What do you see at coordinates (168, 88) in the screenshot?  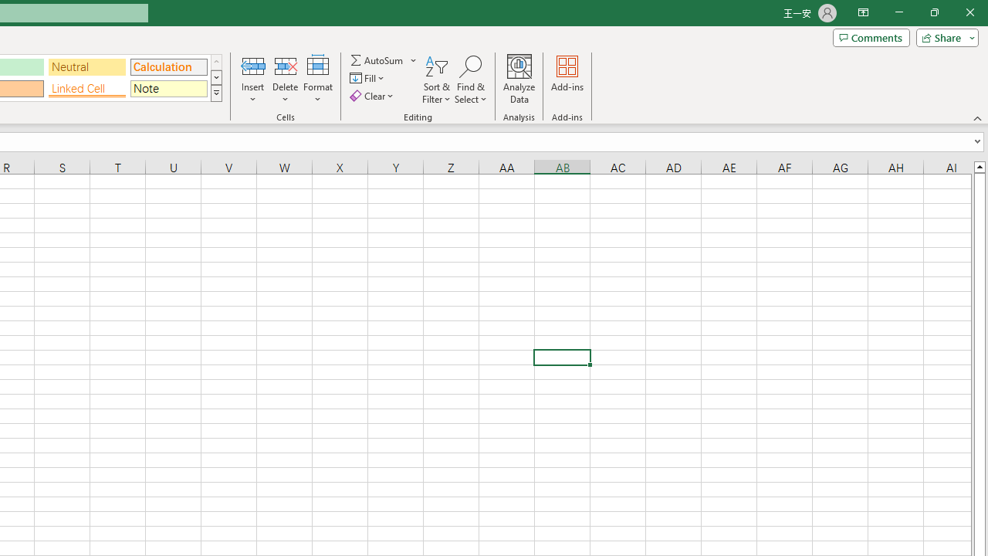 I see `'Note'` at bounding box center [168, 88].